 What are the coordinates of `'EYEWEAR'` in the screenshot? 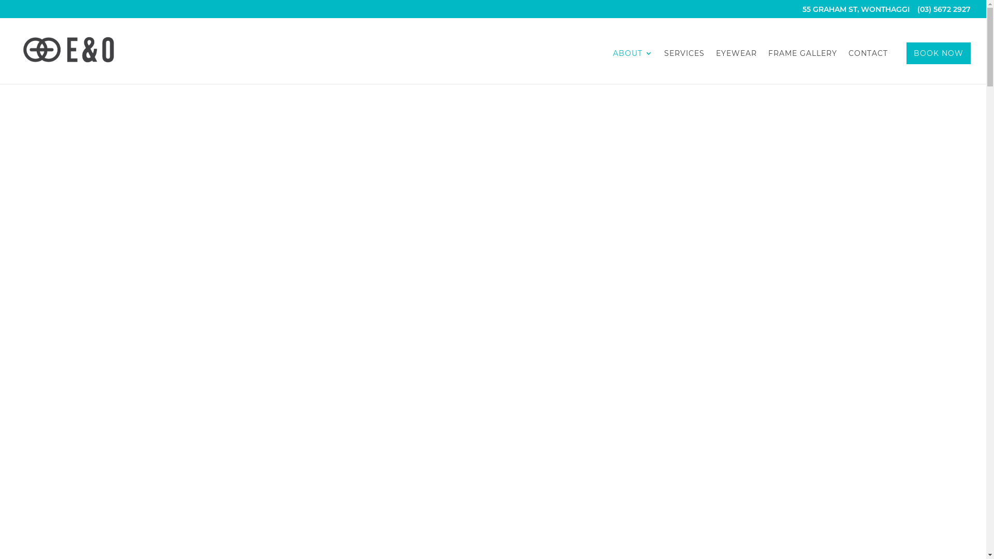 It's located at (736, 66).